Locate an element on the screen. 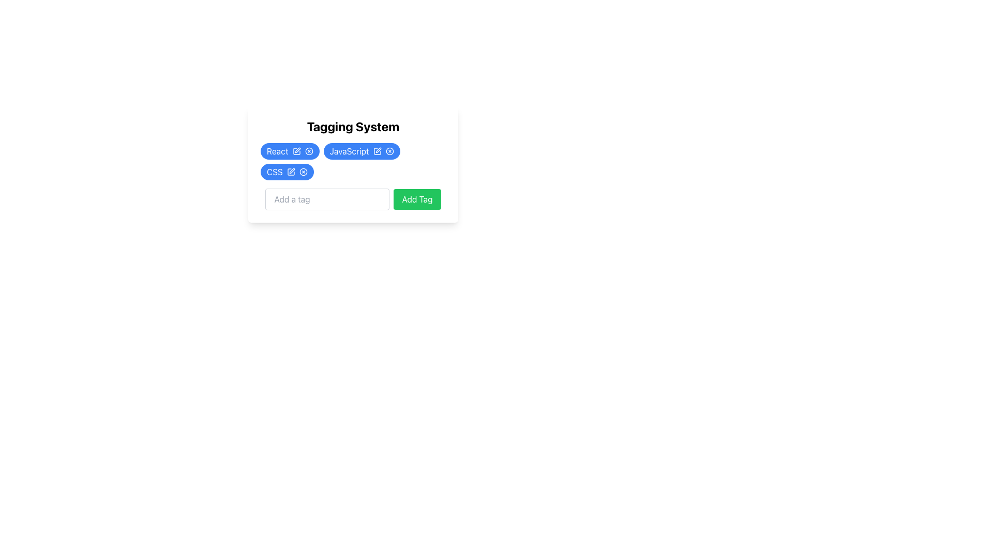 This screenshot has height=558, width=993. the pen icon button is located at coordinates (290, 171).